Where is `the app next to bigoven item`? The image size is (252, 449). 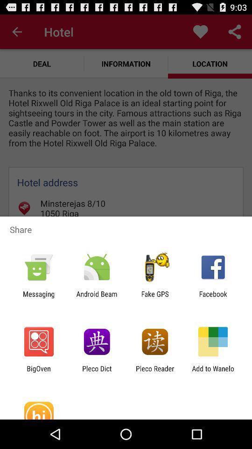
the app next to bigoven item is located at coordinates (96, 372).